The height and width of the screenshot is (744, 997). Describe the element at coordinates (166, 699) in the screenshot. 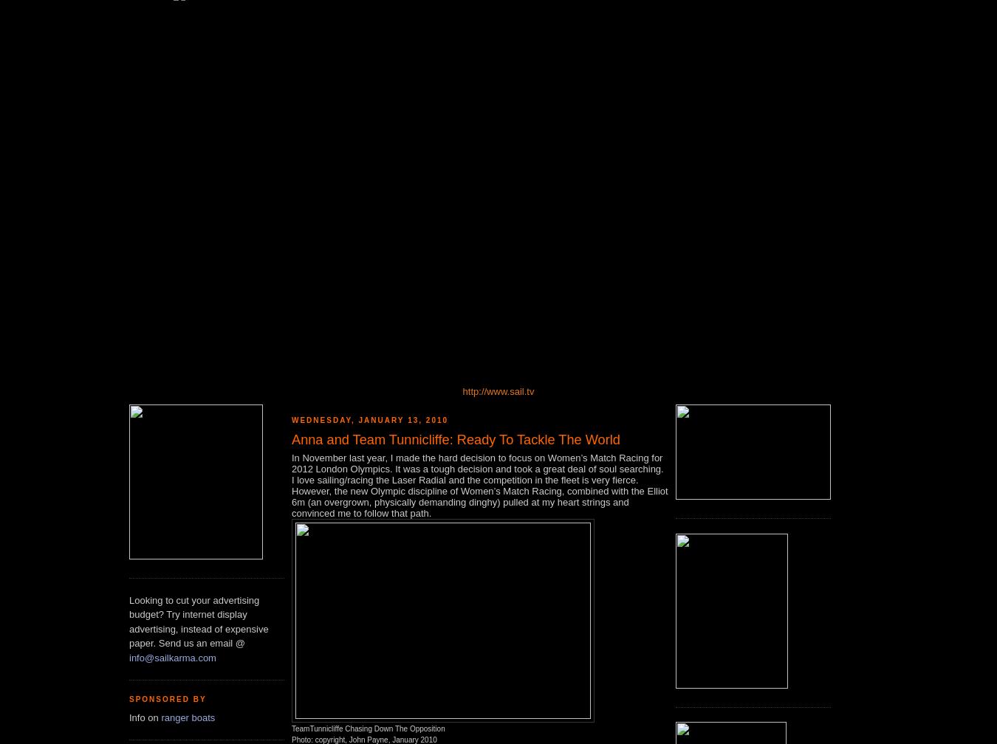

I see `'Sponsored by'` at that location.